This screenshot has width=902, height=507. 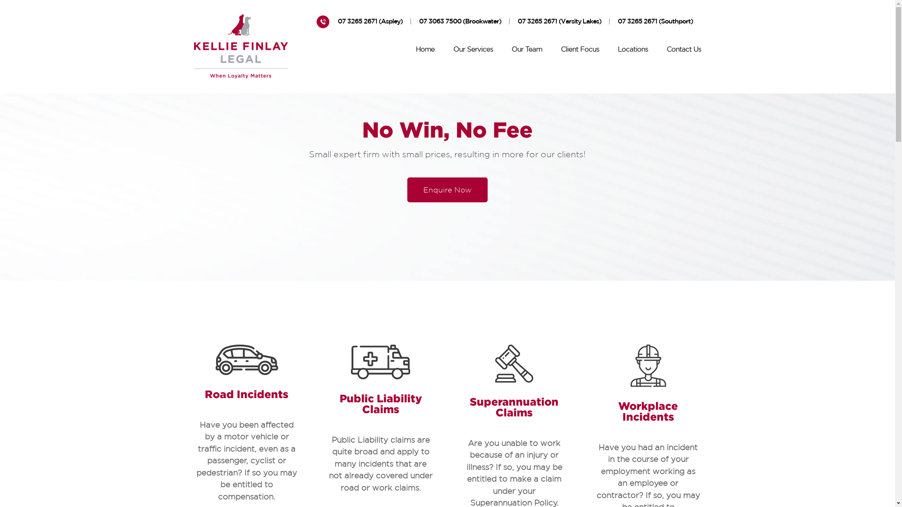 What do you see at coordinates (460, 23) in the screenshot?
I see `'07 3063 7500 (Brookwater)'` at bounding box center [460, 23].